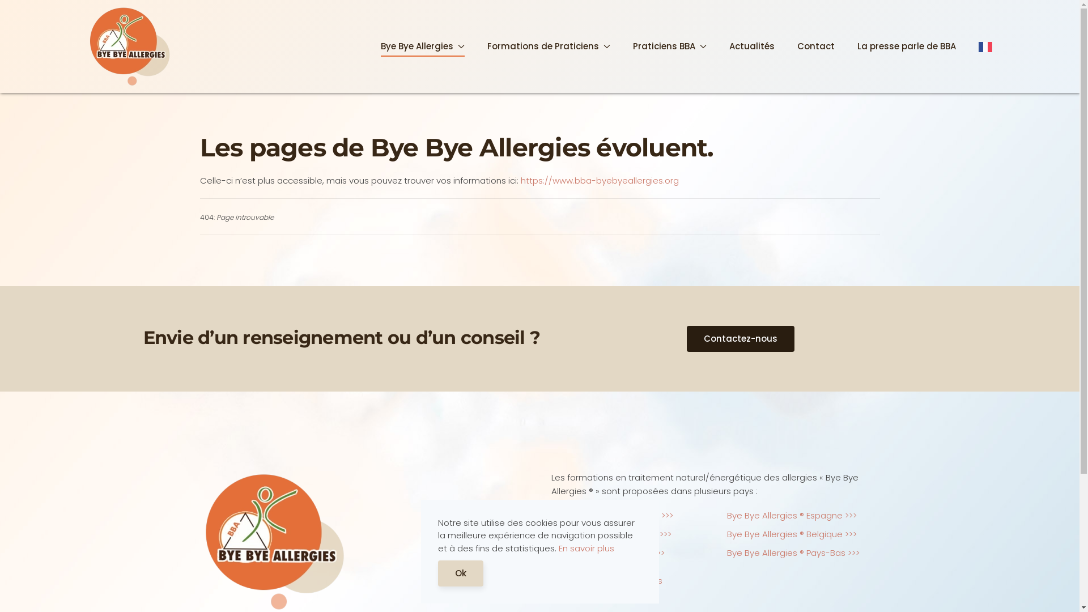  I want to click on 'Formations de Praticiens', so click(549, 45).